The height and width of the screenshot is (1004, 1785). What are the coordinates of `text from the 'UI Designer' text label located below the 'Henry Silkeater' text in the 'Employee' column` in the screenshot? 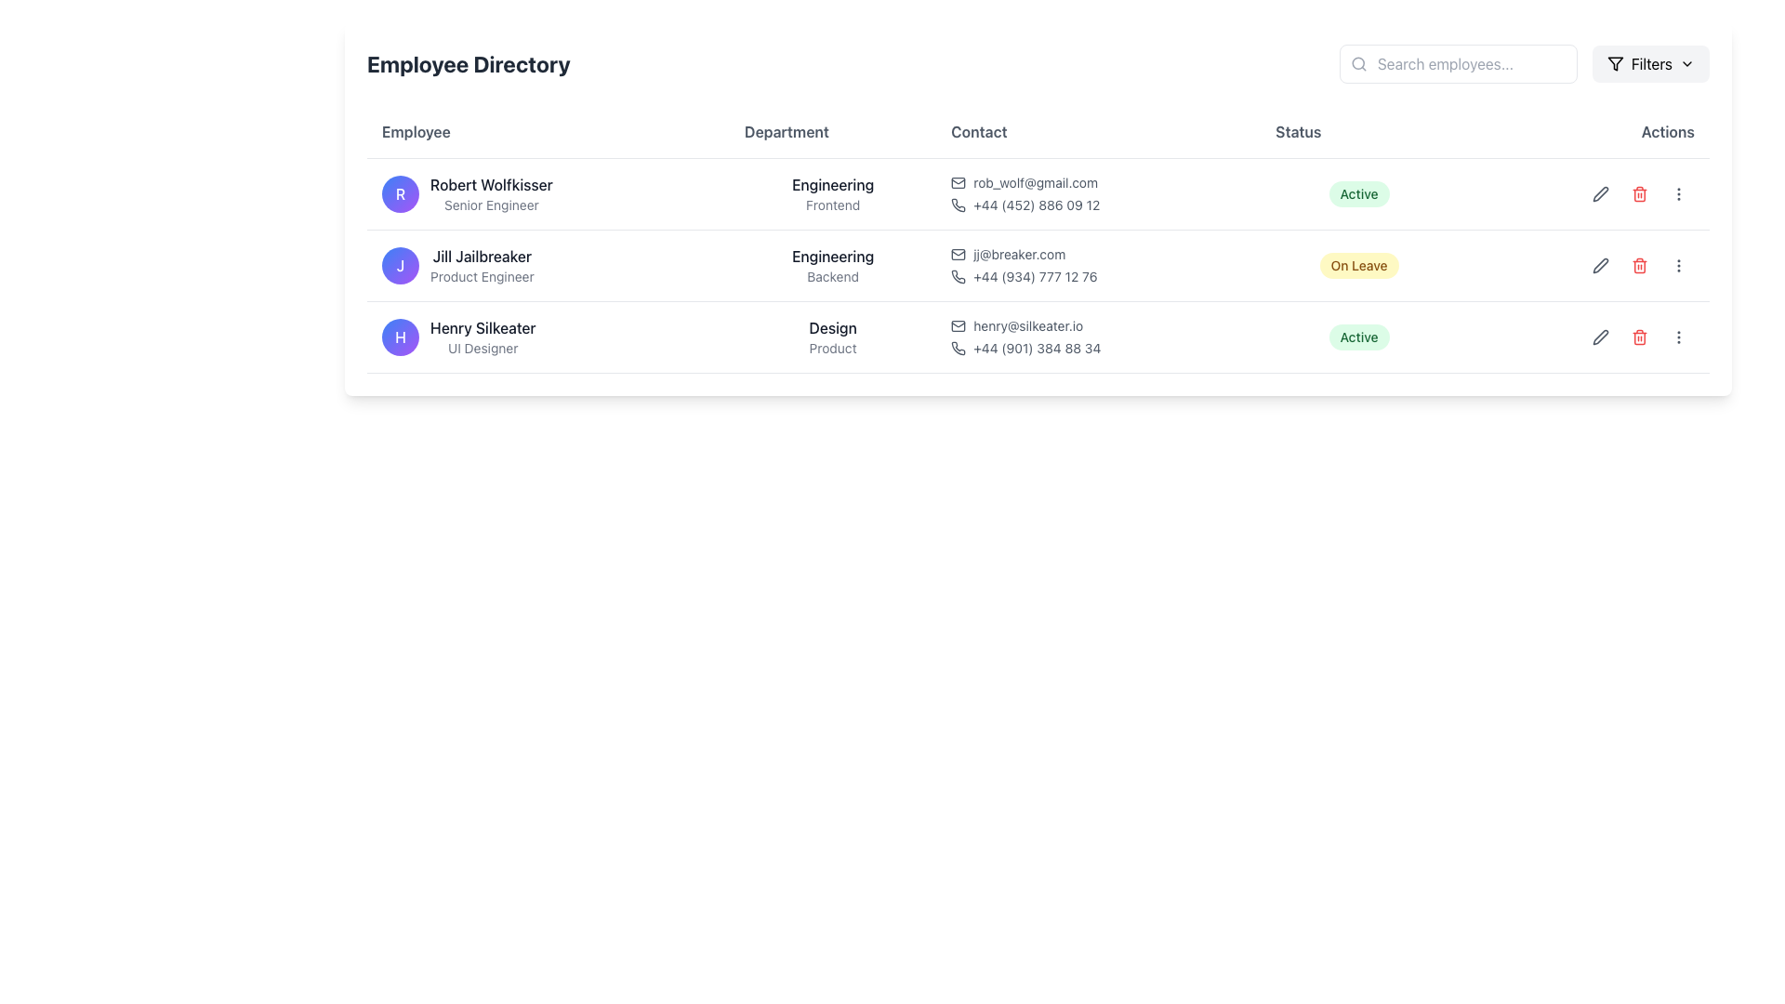 It's located at (483, 348).